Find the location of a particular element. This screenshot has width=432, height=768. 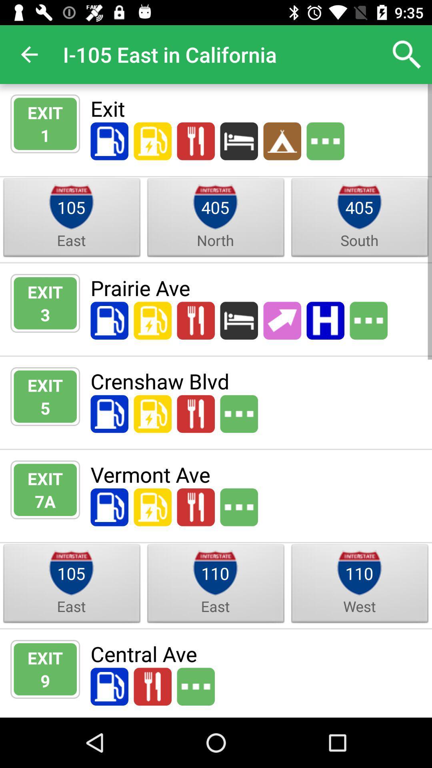

the item below the exit item is located at coordinates (45, 135).